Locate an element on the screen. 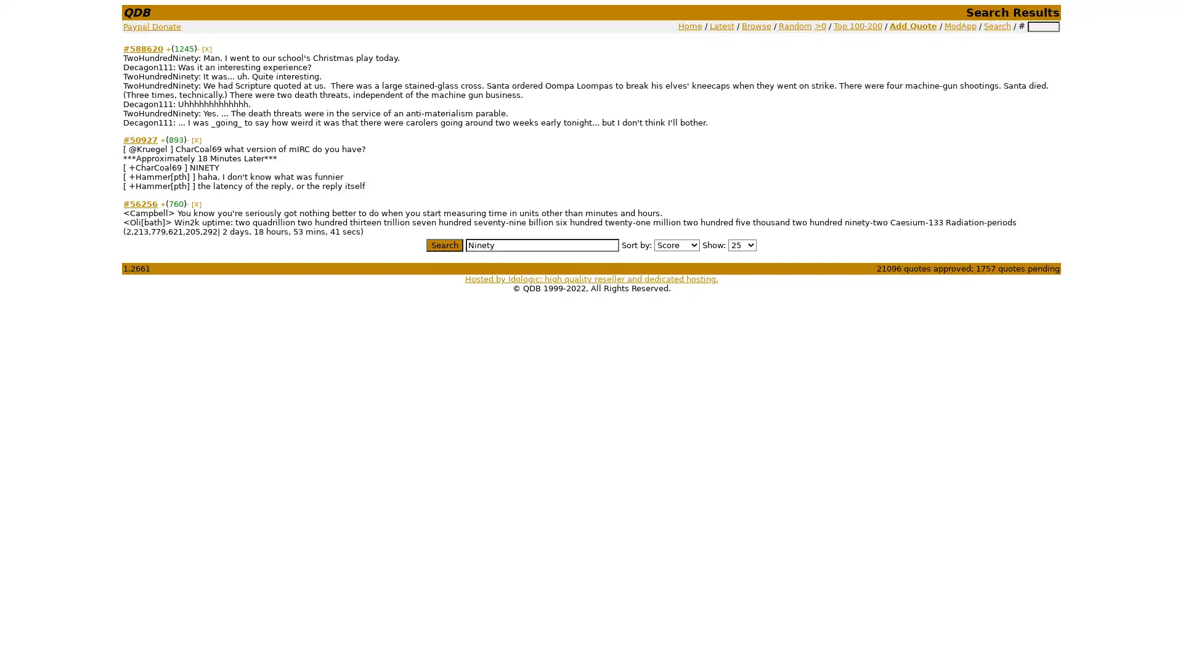  Search is located at coordinates (444, 244).